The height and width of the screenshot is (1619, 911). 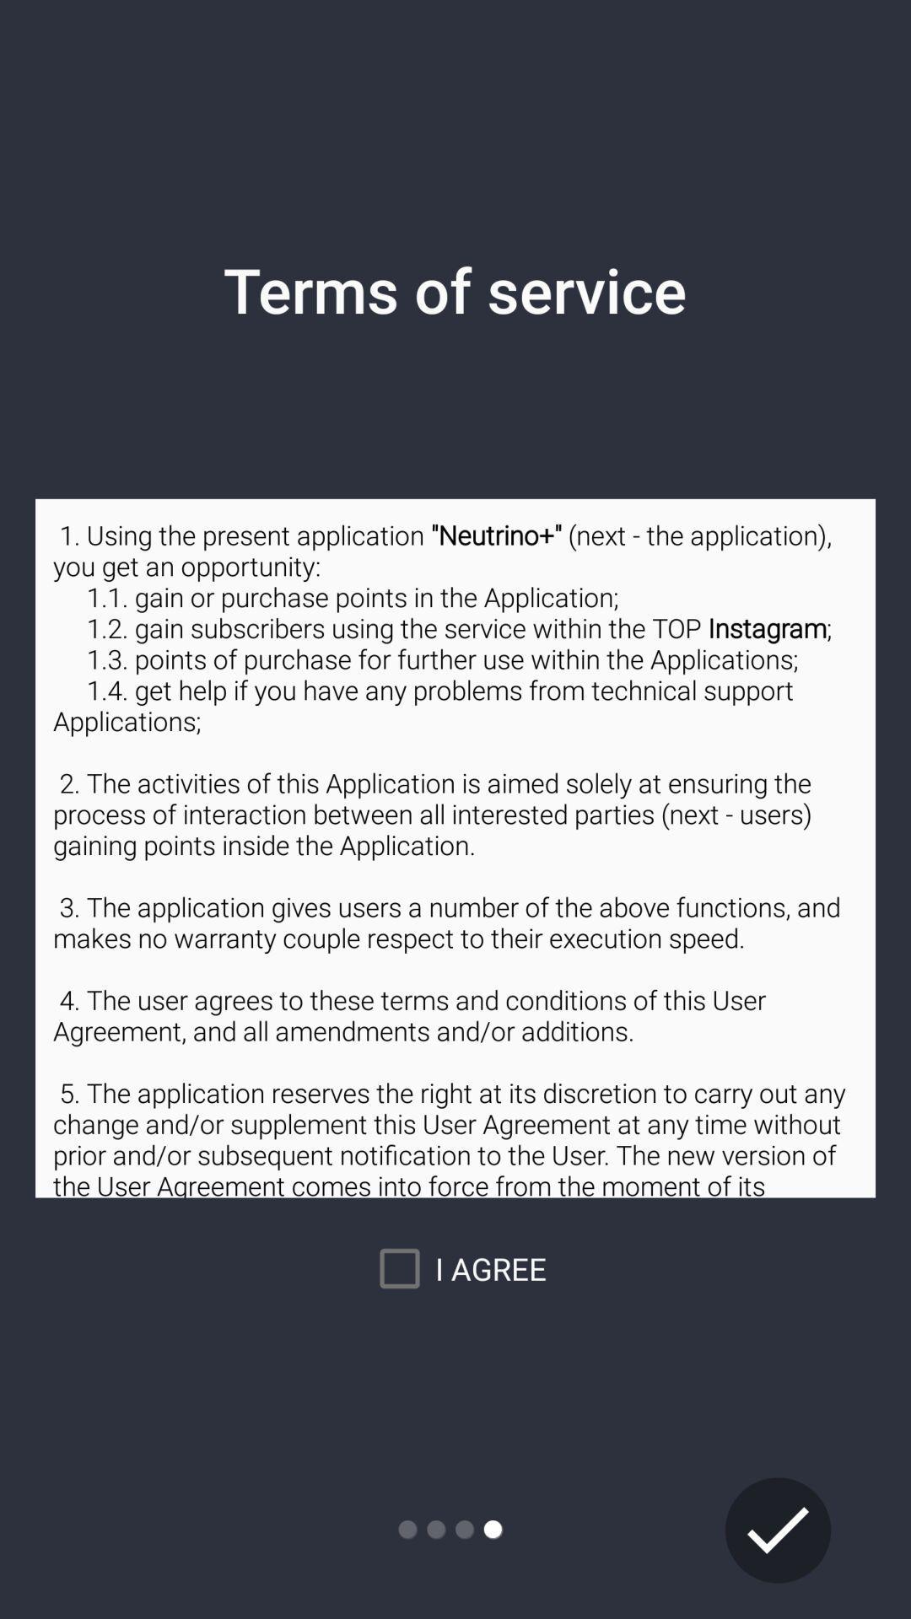 I want to click on submit terms of service, so click(x=778, y=1530).